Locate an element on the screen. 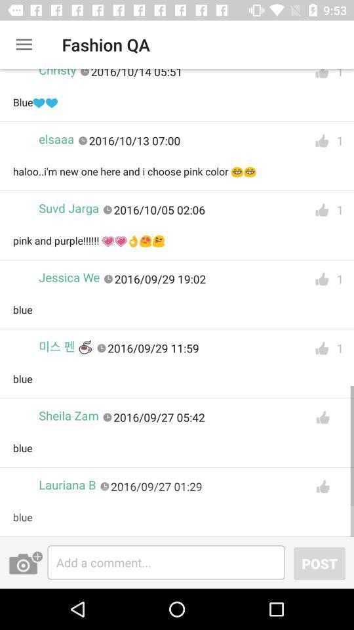 This screenshot has width=354, height=630. leave a comment is located at coordinates (166, 562).